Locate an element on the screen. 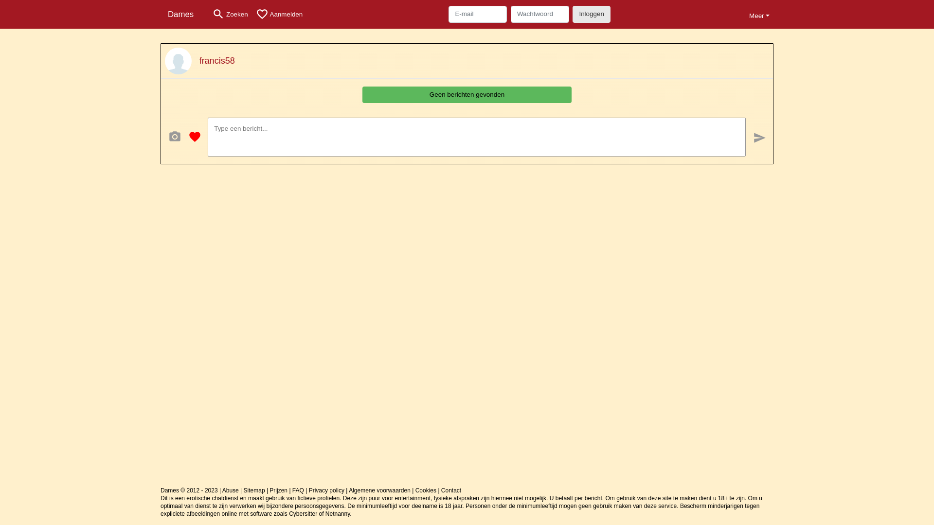 The width and height of the screenshot is (934, 525). 'Meer' is located at coordinates (744, 14).